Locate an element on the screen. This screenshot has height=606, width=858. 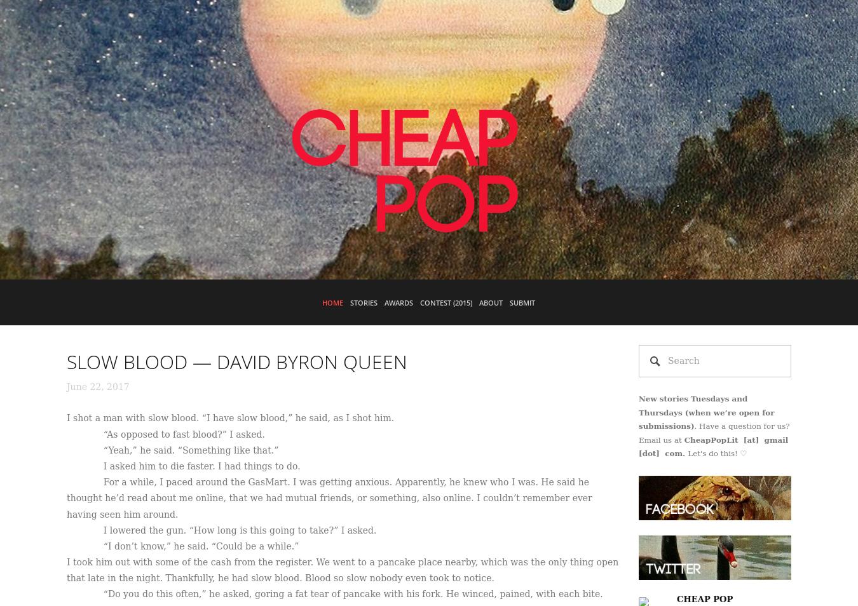
'I shot a man with slow blood. “I have slow blood,” he said, as I shot him.' is located at coordinates (230, 417).